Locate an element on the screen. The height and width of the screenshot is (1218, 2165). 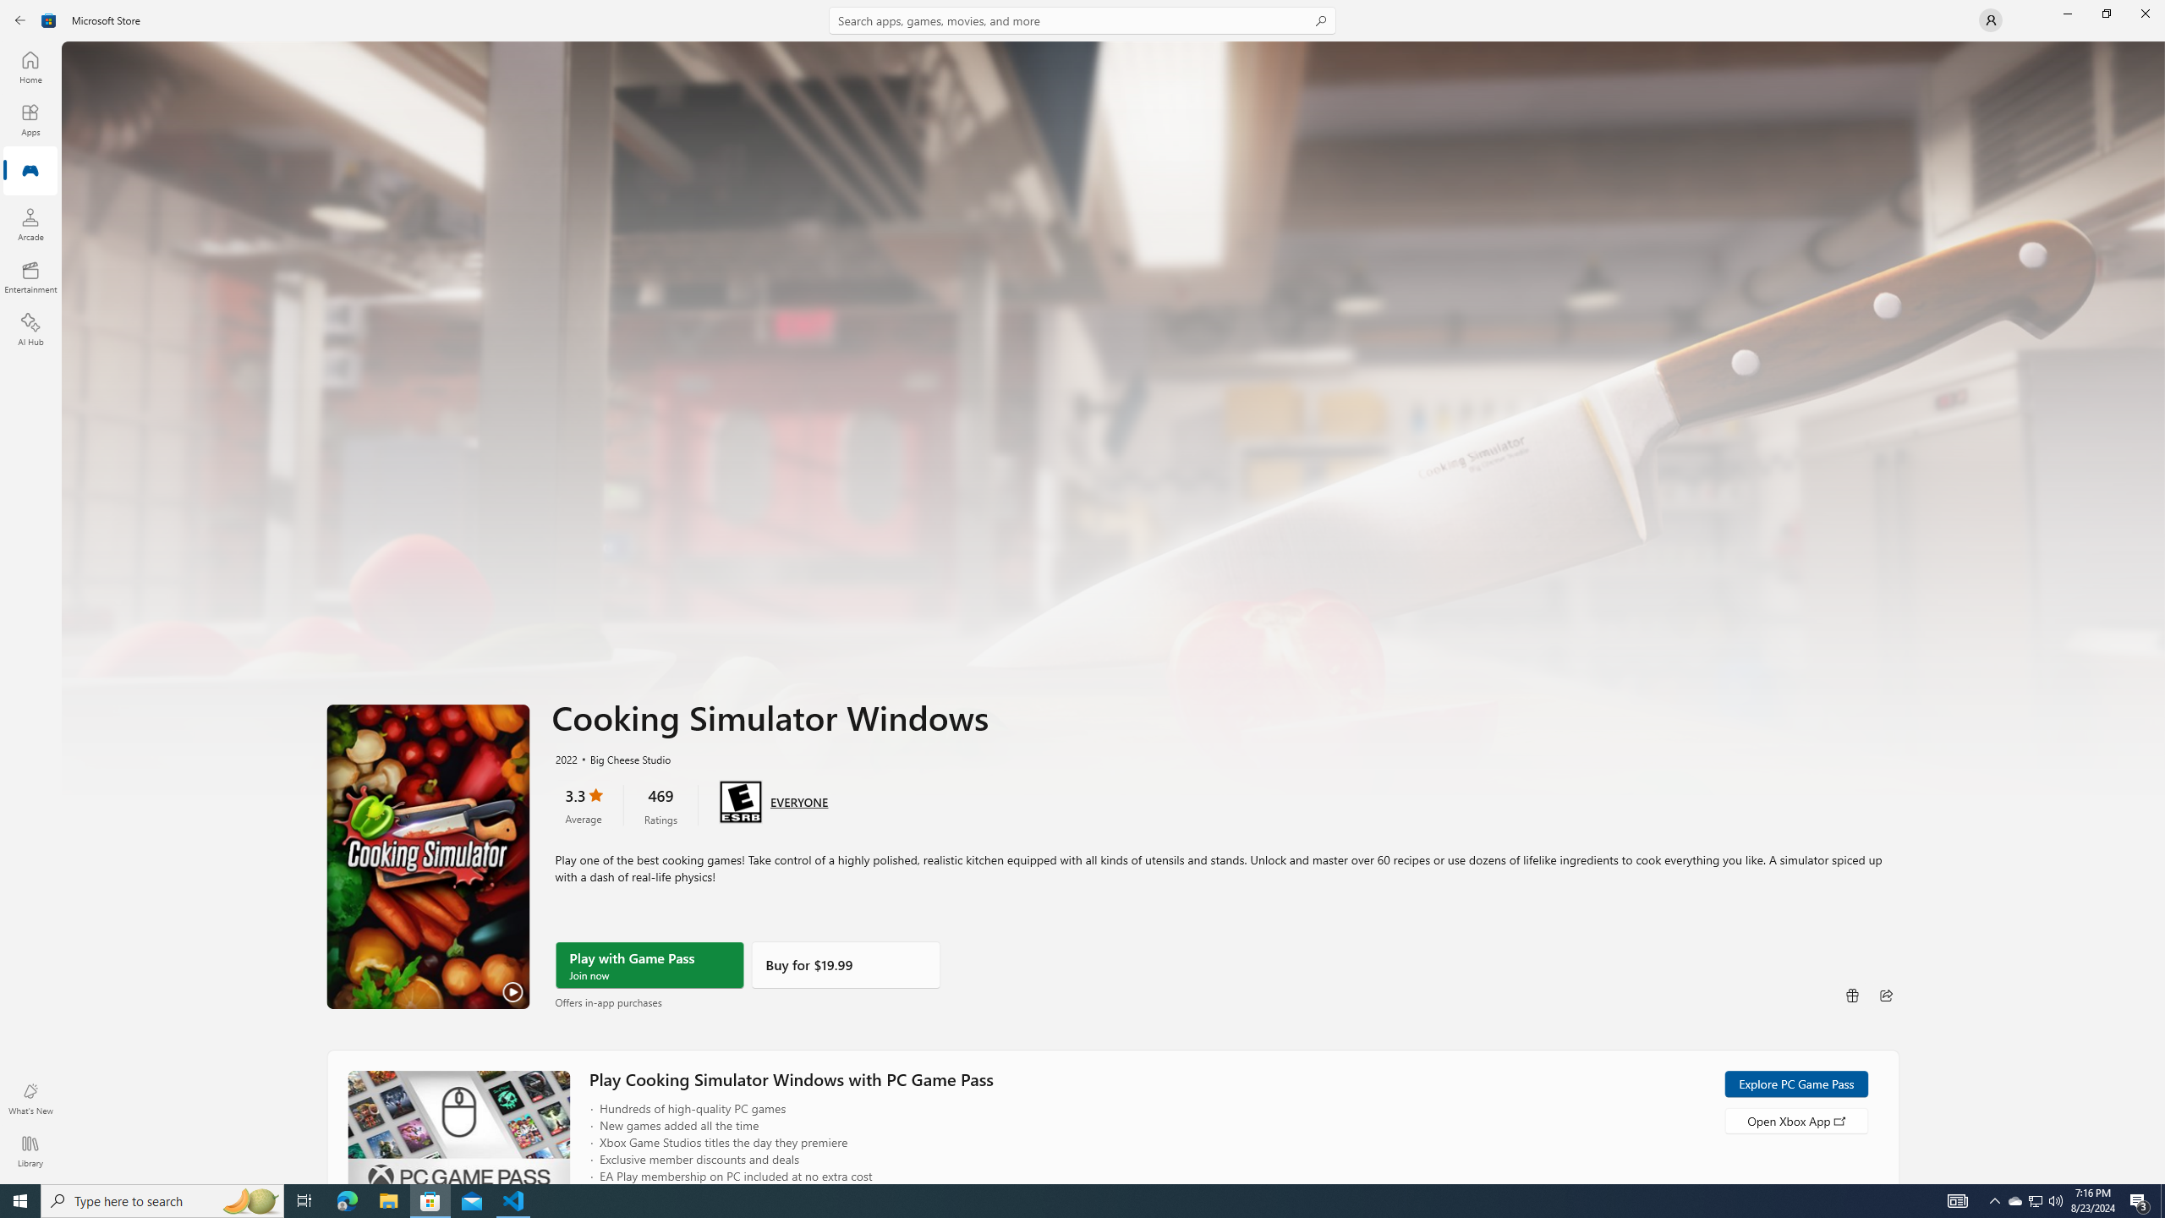
'Age rating: EVERYONE. Click for more information.' is located at coordinates (797, 800).